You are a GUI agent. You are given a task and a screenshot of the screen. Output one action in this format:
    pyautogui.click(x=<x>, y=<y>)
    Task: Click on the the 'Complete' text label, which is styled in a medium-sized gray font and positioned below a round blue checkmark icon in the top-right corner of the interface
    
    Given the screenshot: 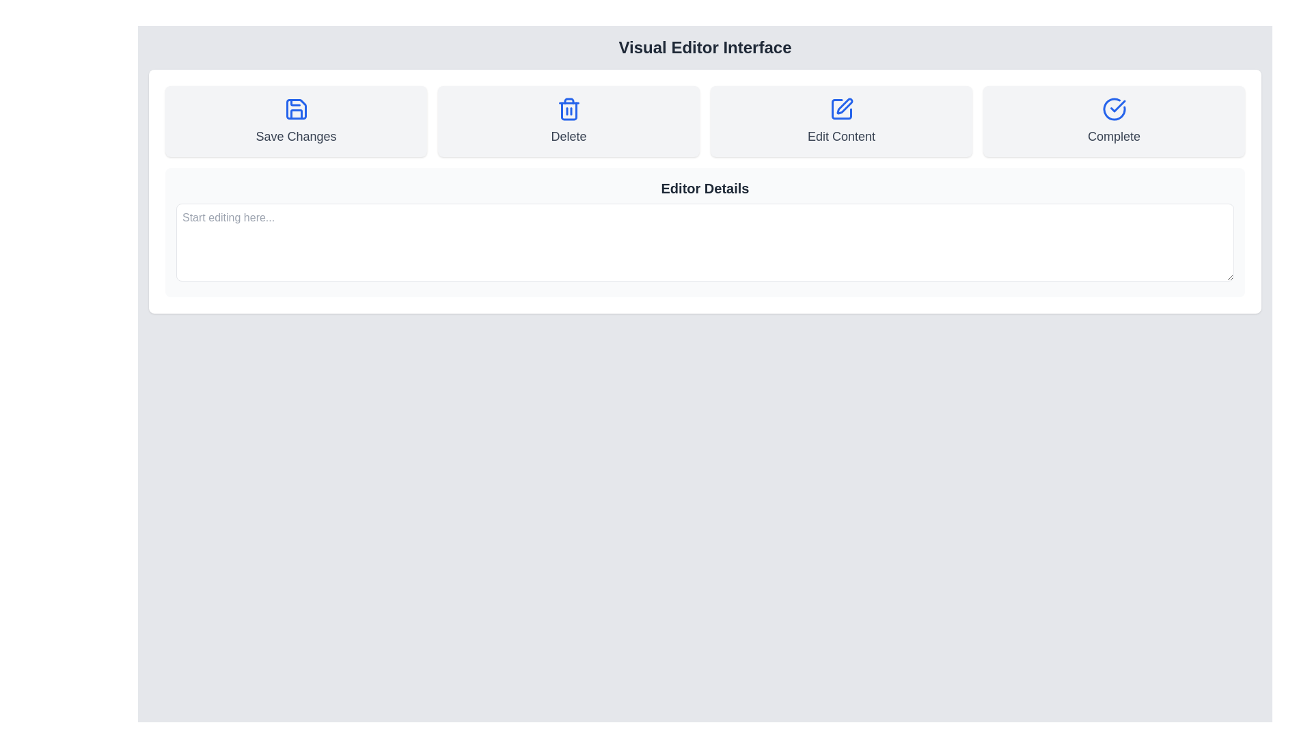 What is the action you would take?
    pyautogui.click(x=1114, y=137)
    